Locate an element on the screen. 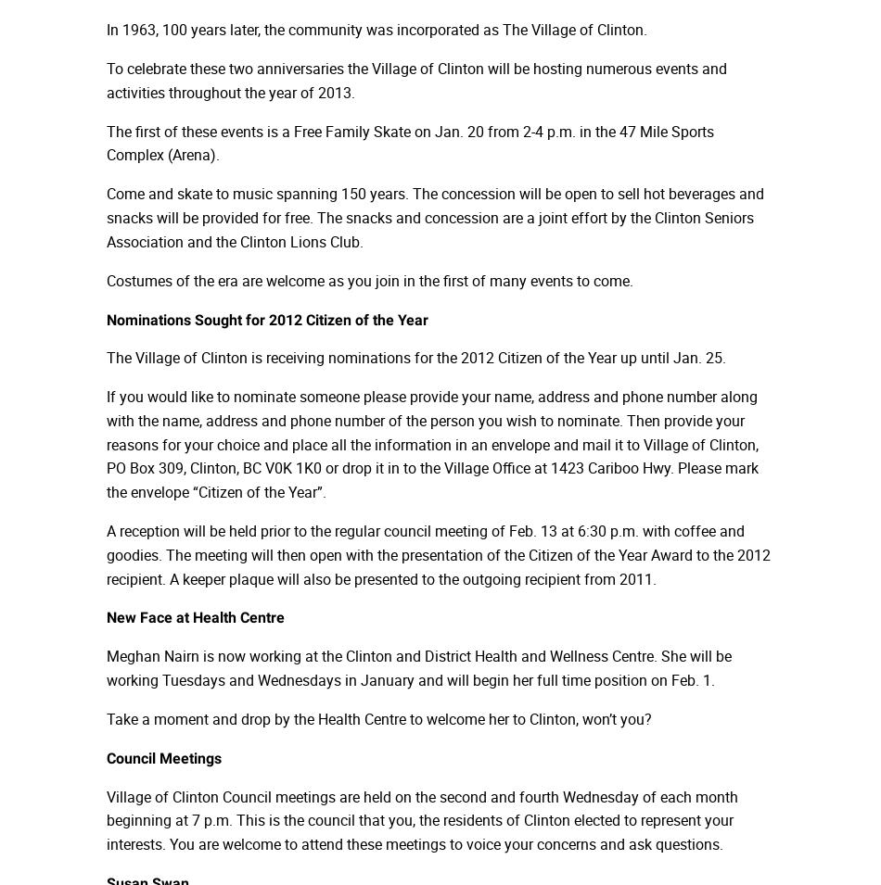  'Meghan Nairn is now working at the Clinton and District Health and Wellness Centre. She will be working Tuesdays and Wednesdays in January and will begin her full time position on Feb. 1.' is located at coordinates (418, 666).